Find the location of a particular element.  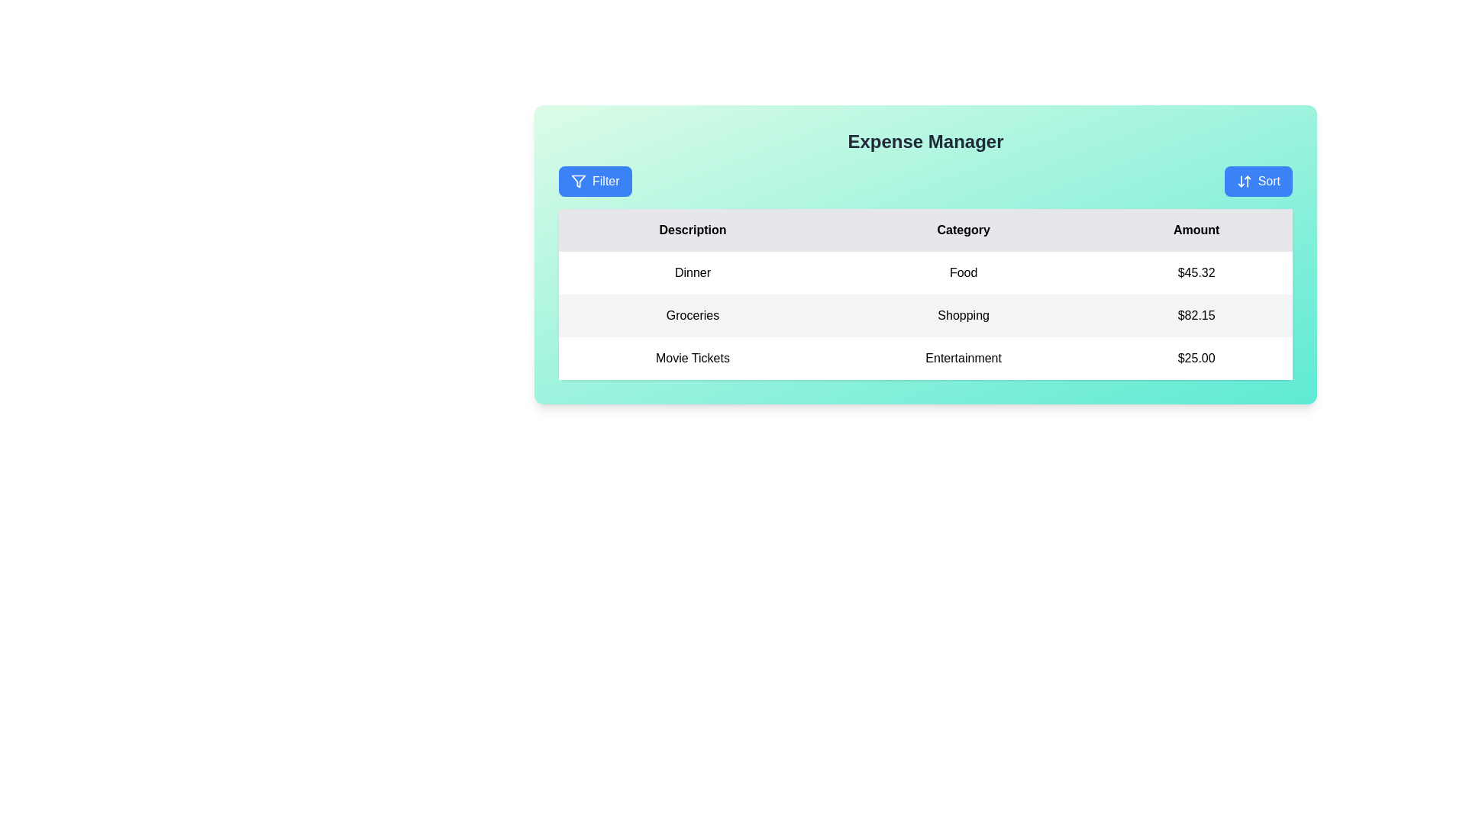

the static text label displaying 'Dinner', which is positioned in the leftmost section of a row in a tabular layout with a white background is located at coordinates (692, 272).